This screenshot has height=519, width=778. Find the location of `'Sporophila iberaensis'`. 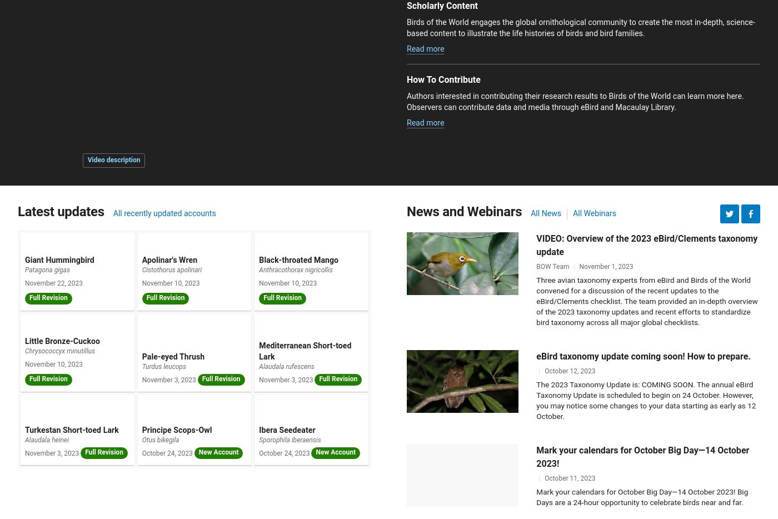

'Sporophila iberaensis' is located at coordinates (290, 439).